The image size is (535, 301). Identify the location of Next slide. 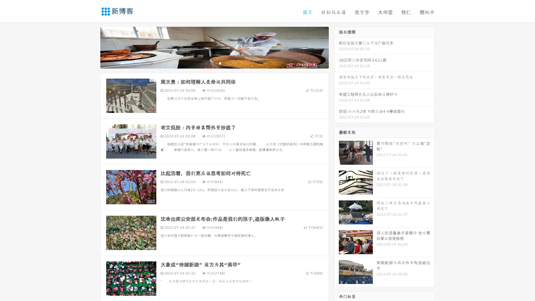
(337, 47).